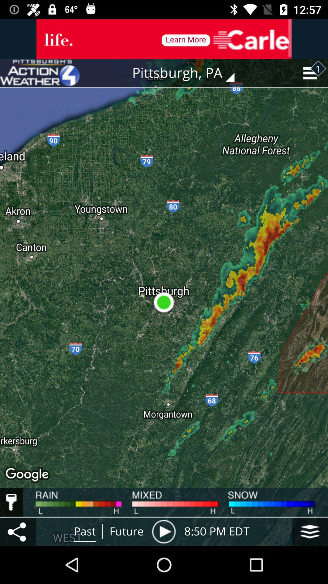 The width and height of the screenshot is (328, 584). Describe the element at coordinates (18, 531) in the screenshot. I see `the share icon` at that location.